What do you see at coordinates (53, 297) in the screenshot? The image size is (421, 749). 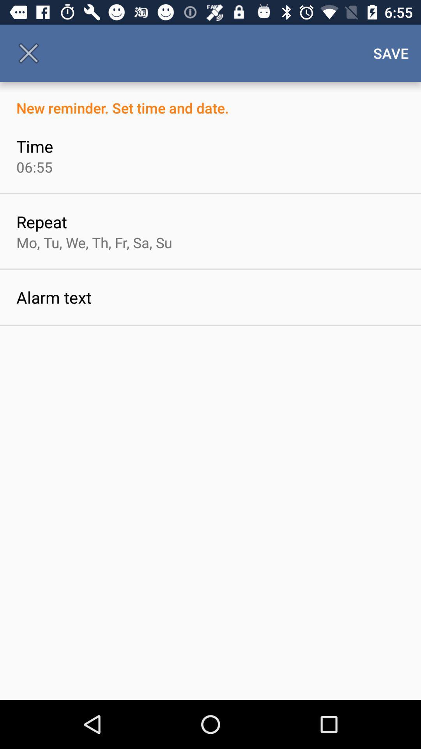 I see `alarm text` at bounding box center [53, 297].